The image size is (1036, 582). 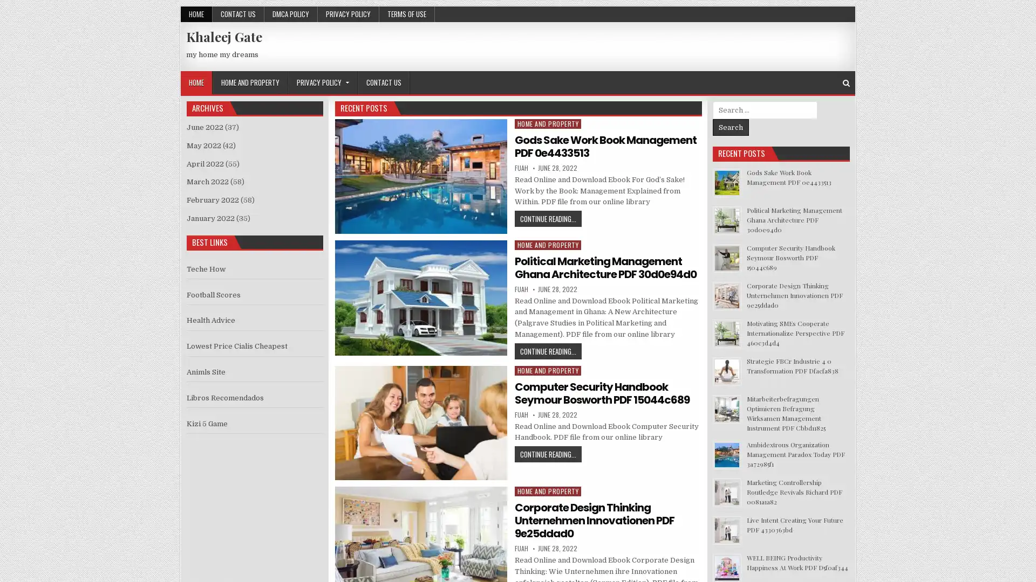 I want to click on Search, so click(x=731, y=127).